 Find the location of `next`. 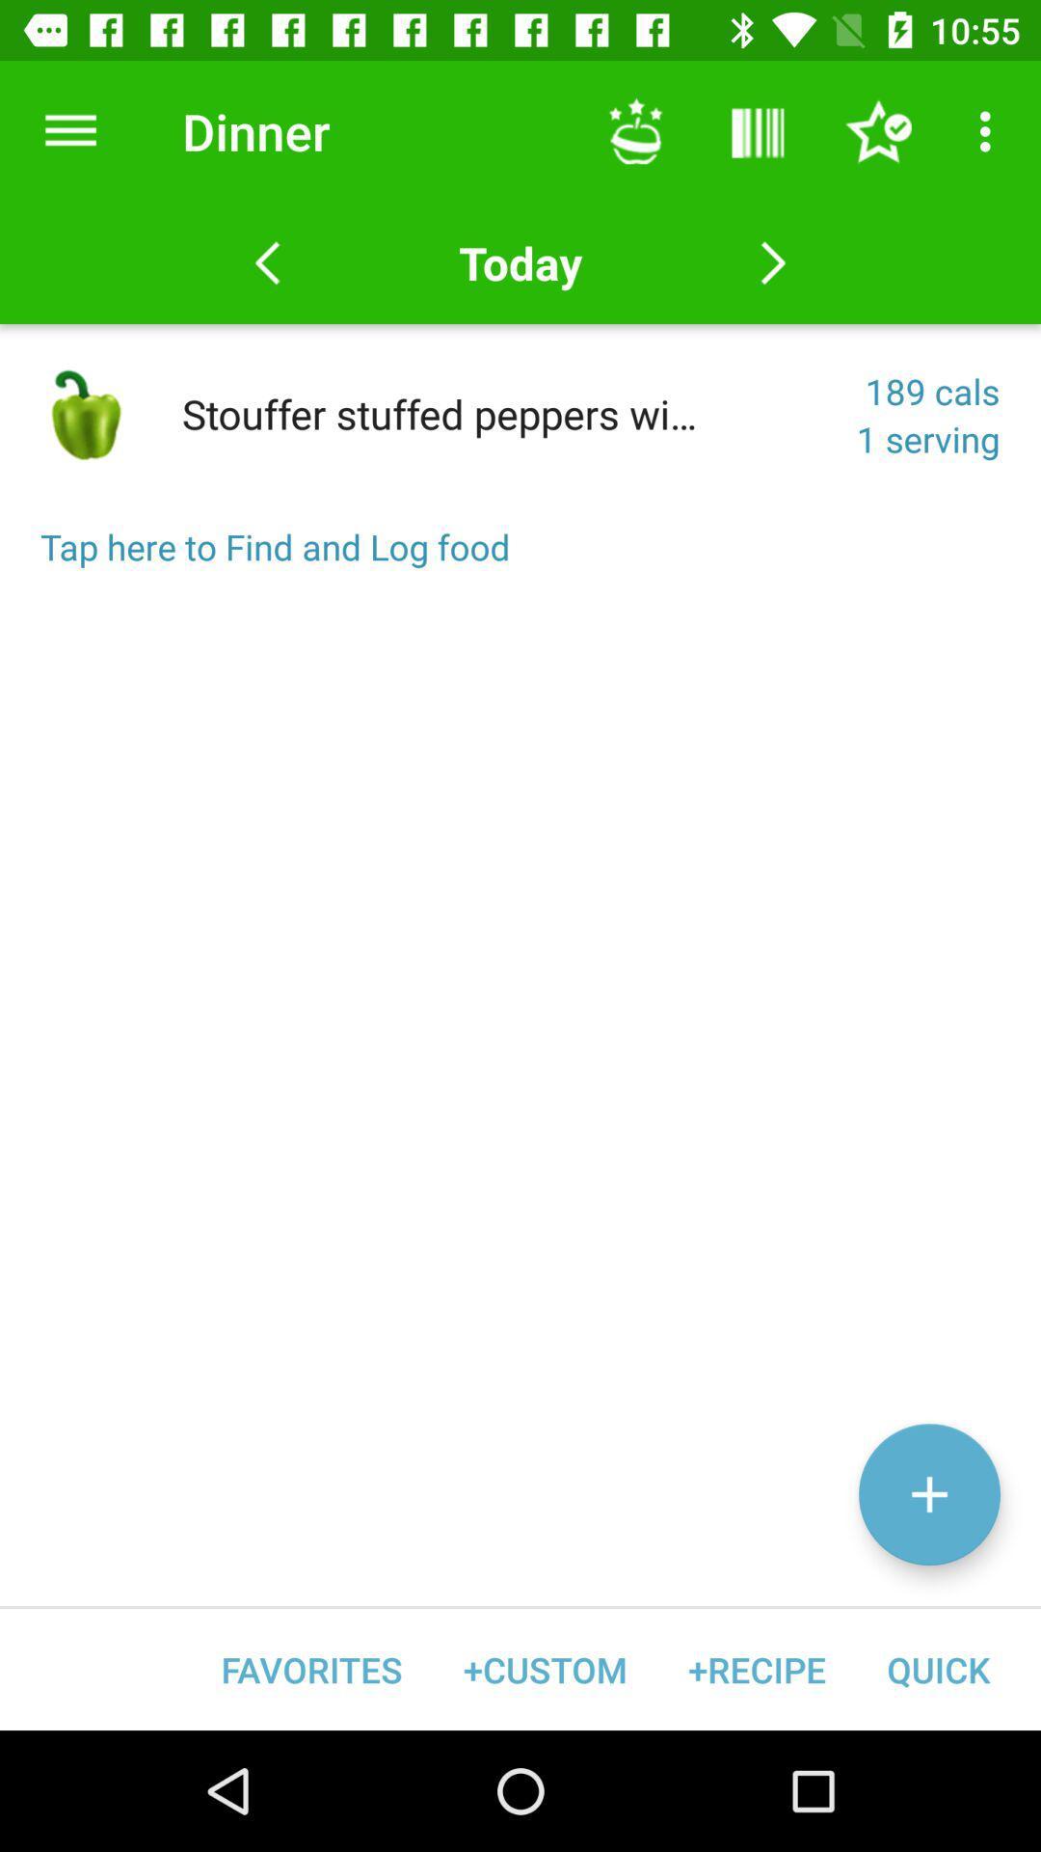

next is located at coordinates (772, 262).